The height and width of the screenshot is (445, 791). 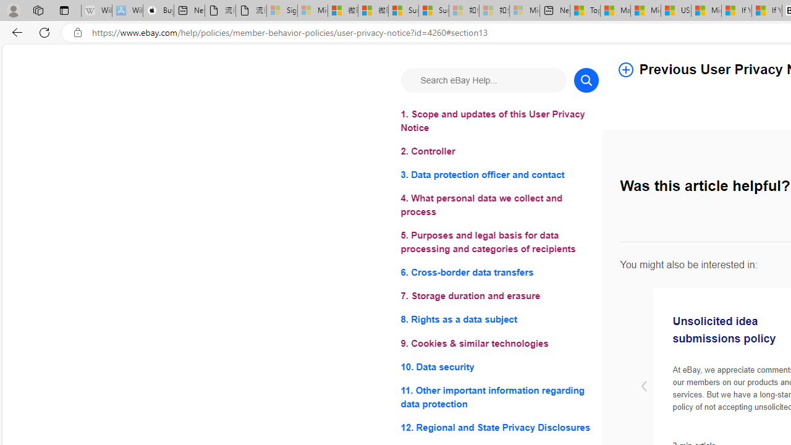 I want to click on '12. Regional and State Privacy Disclosures', so click(x=499, y=426).